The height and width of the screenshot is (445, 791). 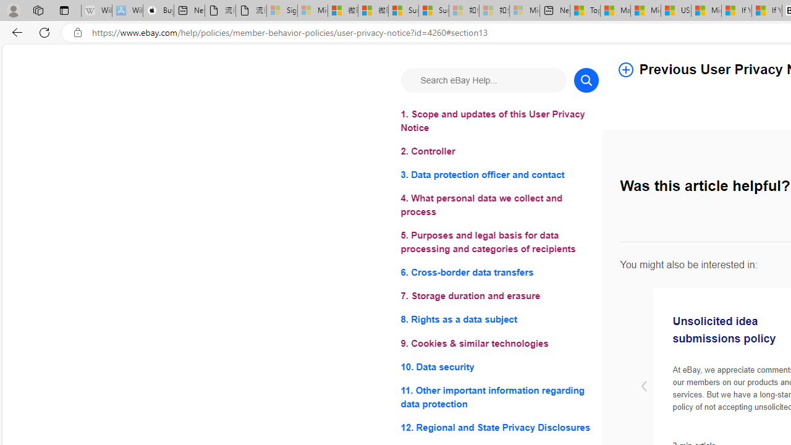 I want to click on '12. Regional and State Privacy Disclosures', so click(x=499, y=426).